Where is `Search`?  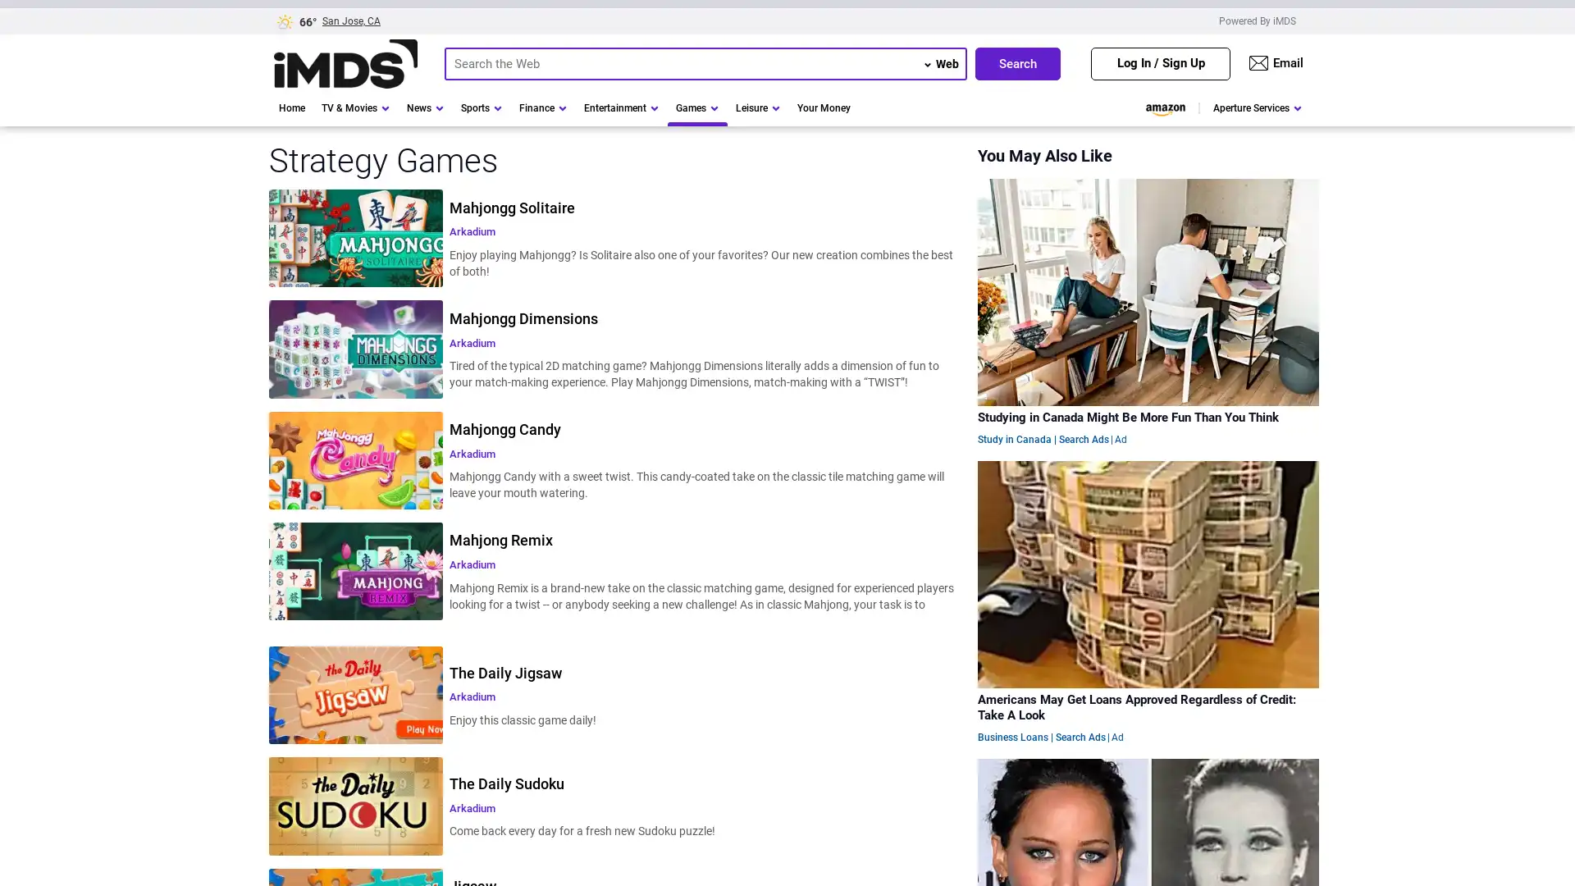 Search is located at coordinates (1017, 62).